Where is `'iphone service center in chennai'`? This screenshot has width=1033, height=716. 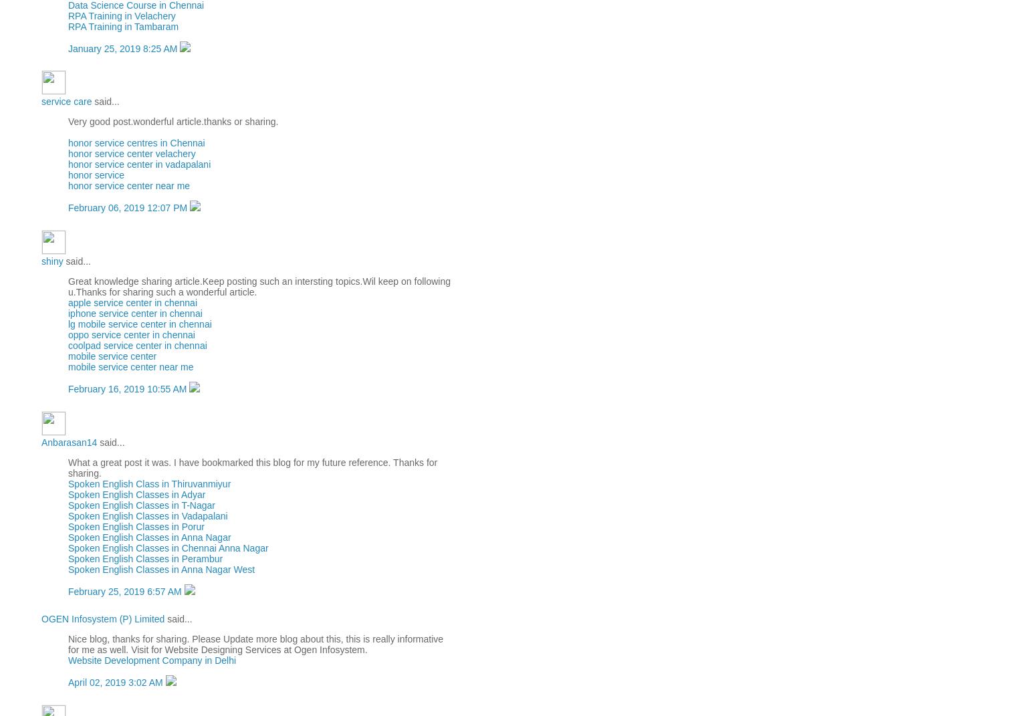
'iphone service center in chennai' is located at coordinates (134, 312).